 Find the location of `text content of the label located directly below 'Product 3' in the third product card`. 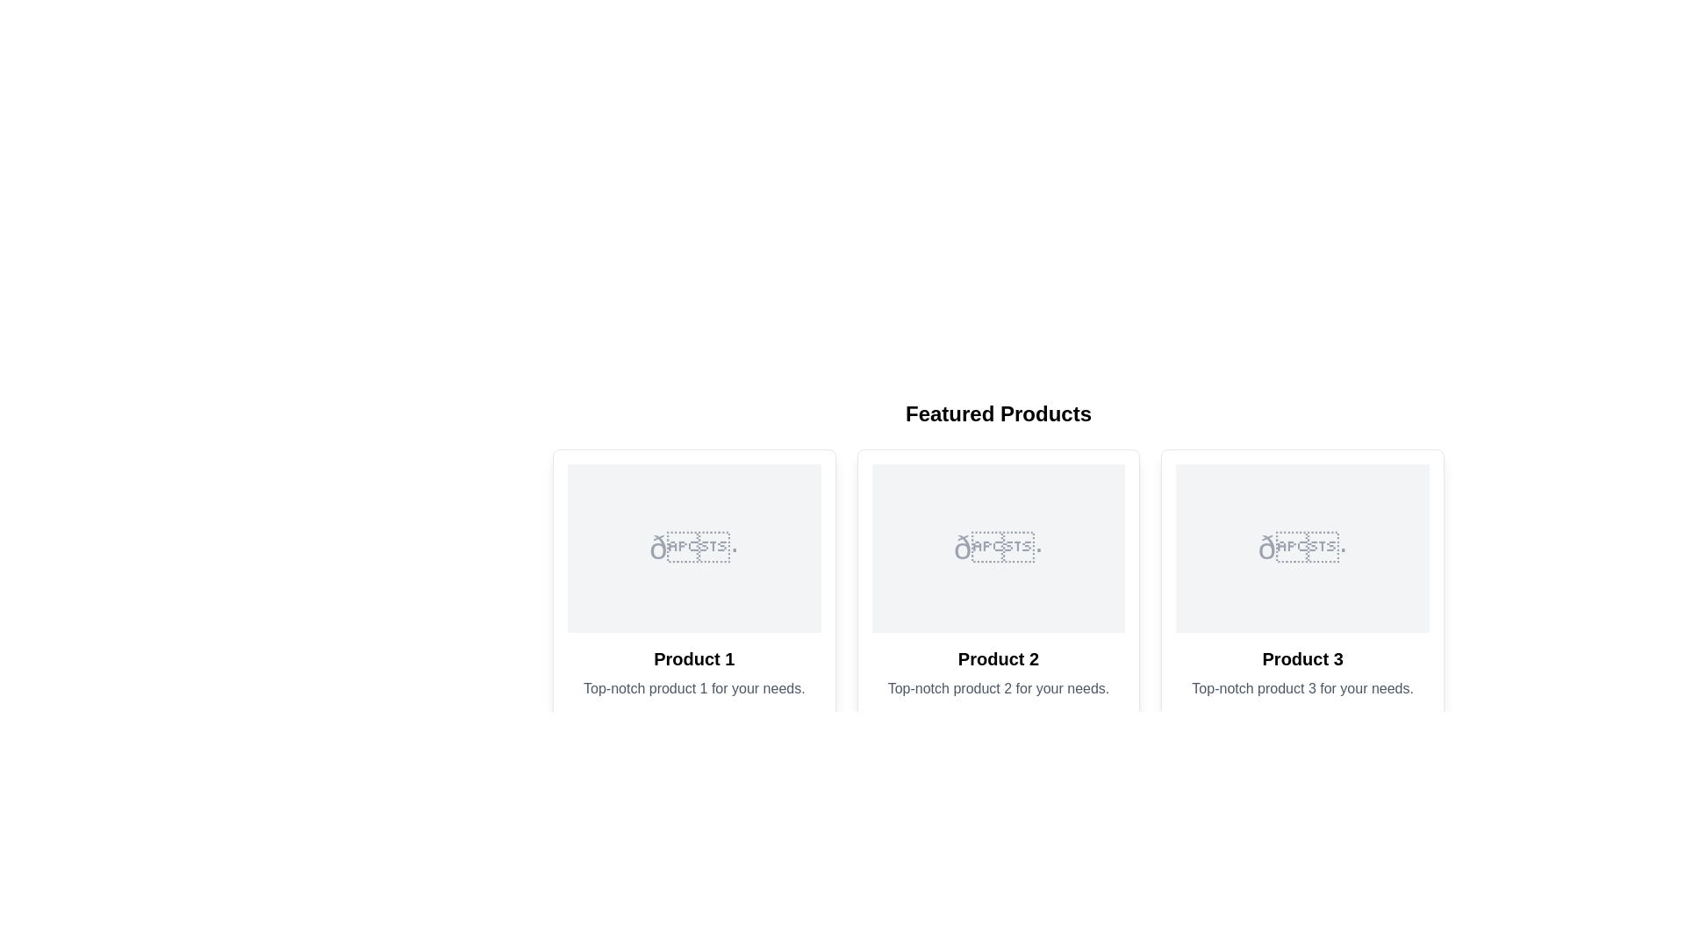

text content of the label located directly below 'Product 3' in the third product card is located at coordinates (1302, 688).